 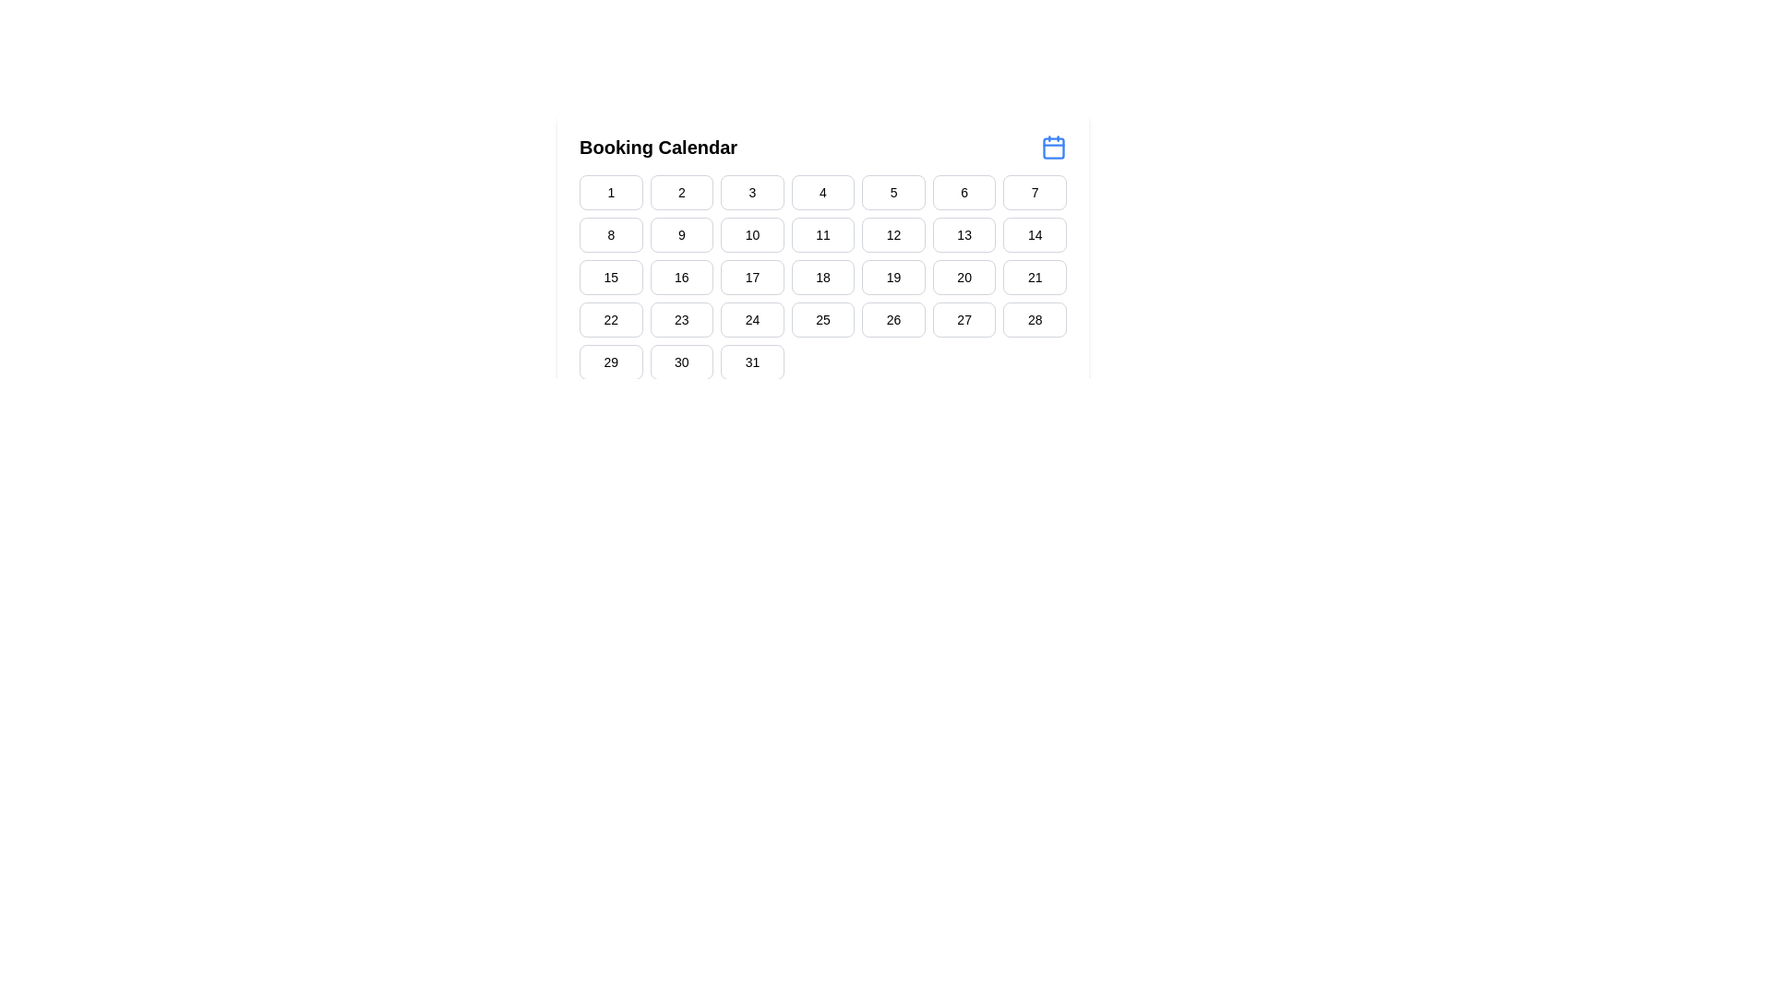 I want to click on the calendar icon with a blue outline located at the top right corner of the header section next to the 'Booking Calendar' title, so click(x=1054, y=146).